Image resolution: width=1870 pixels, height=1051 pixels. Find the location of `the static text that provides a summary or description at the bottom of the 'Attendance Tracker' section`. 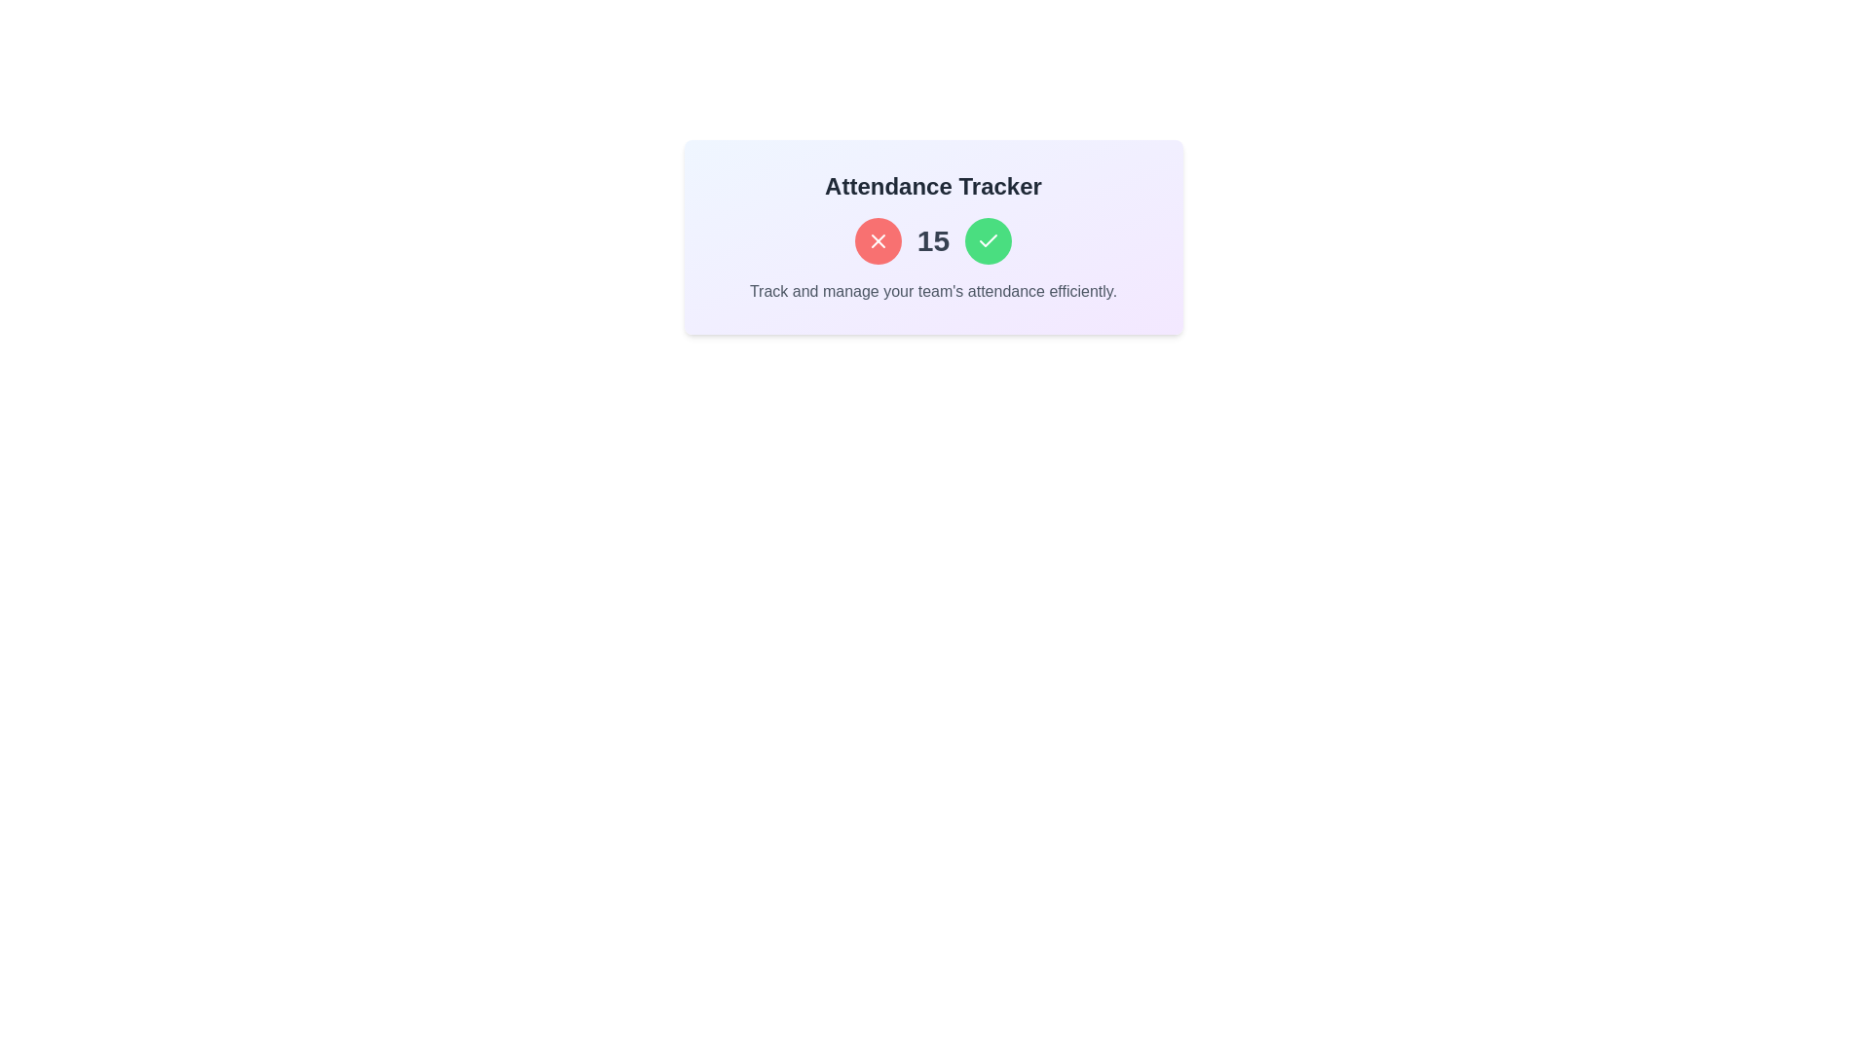

the static text that provides a summary or description at the bottom of the 'Attendance Tracker' section is located at coordinates (932, 292).